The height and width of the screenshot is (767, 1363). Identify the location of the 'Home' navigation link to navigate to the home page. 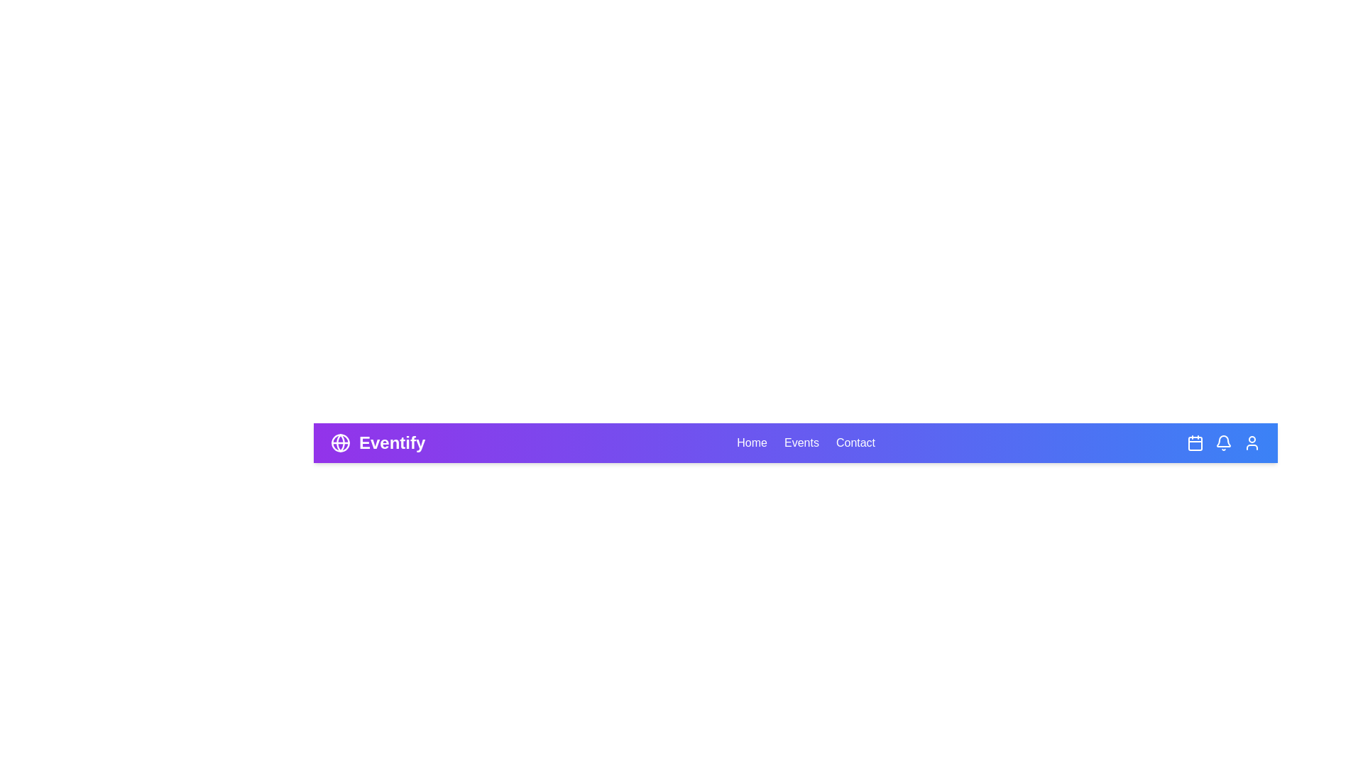
(751, 442).